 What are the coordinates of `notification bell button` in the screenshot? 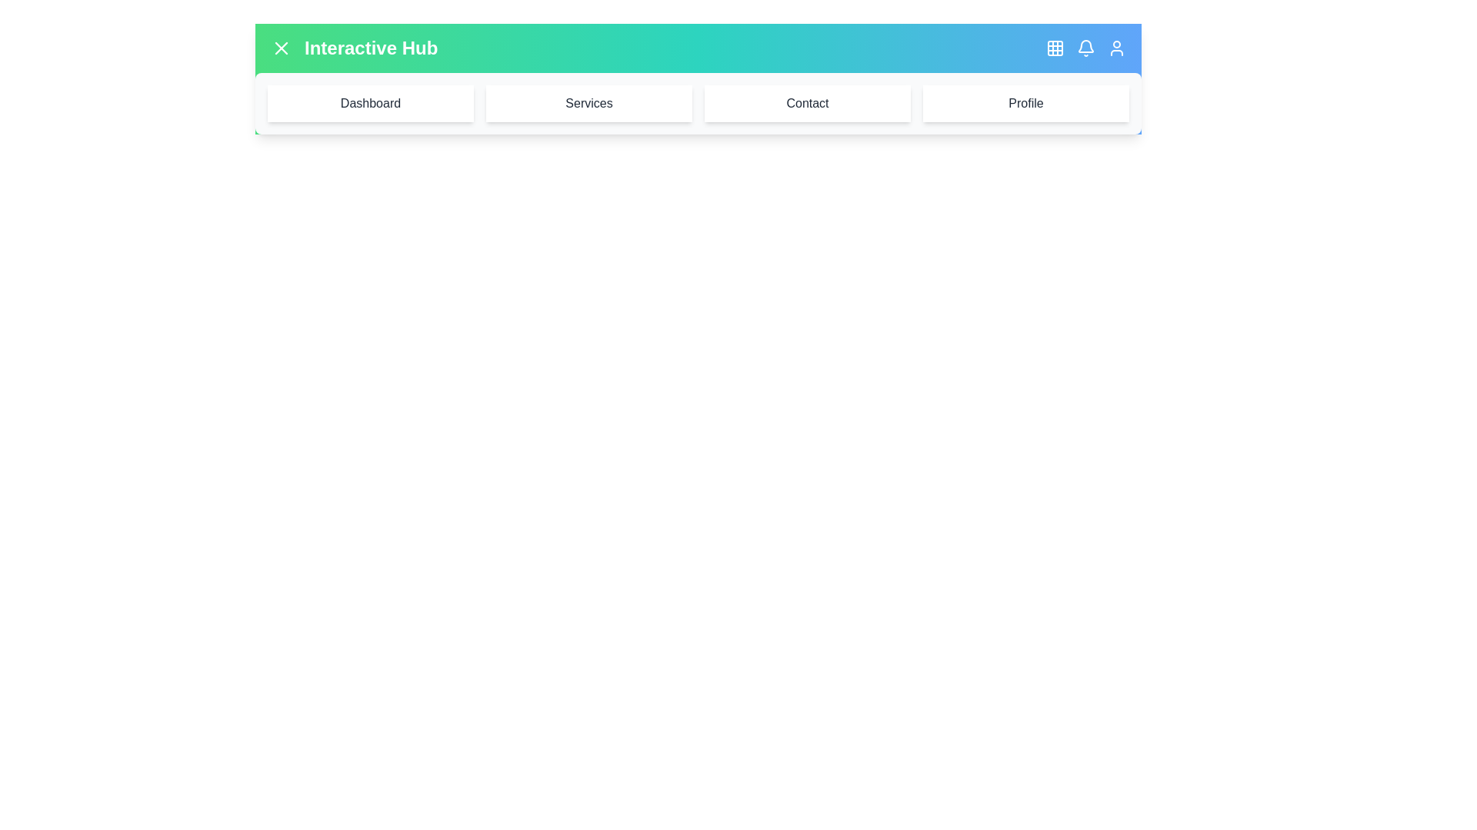 It's located at (1085, 47).